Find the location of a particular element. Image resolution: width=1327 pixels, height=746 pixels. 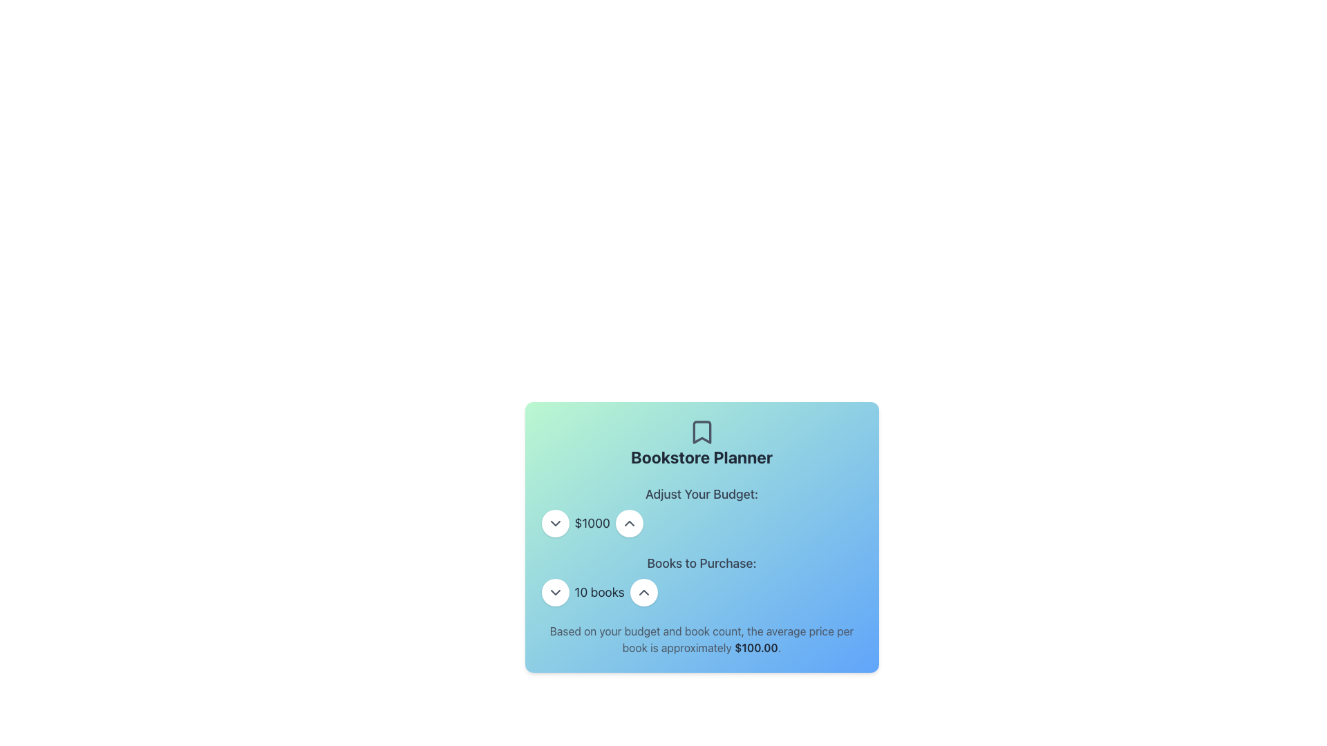

the Text Display that shows the calculated average price per book, which is part of the sentence located at the bottom of the 'Bookstore Planner' card is located at coordinates (755, 647).